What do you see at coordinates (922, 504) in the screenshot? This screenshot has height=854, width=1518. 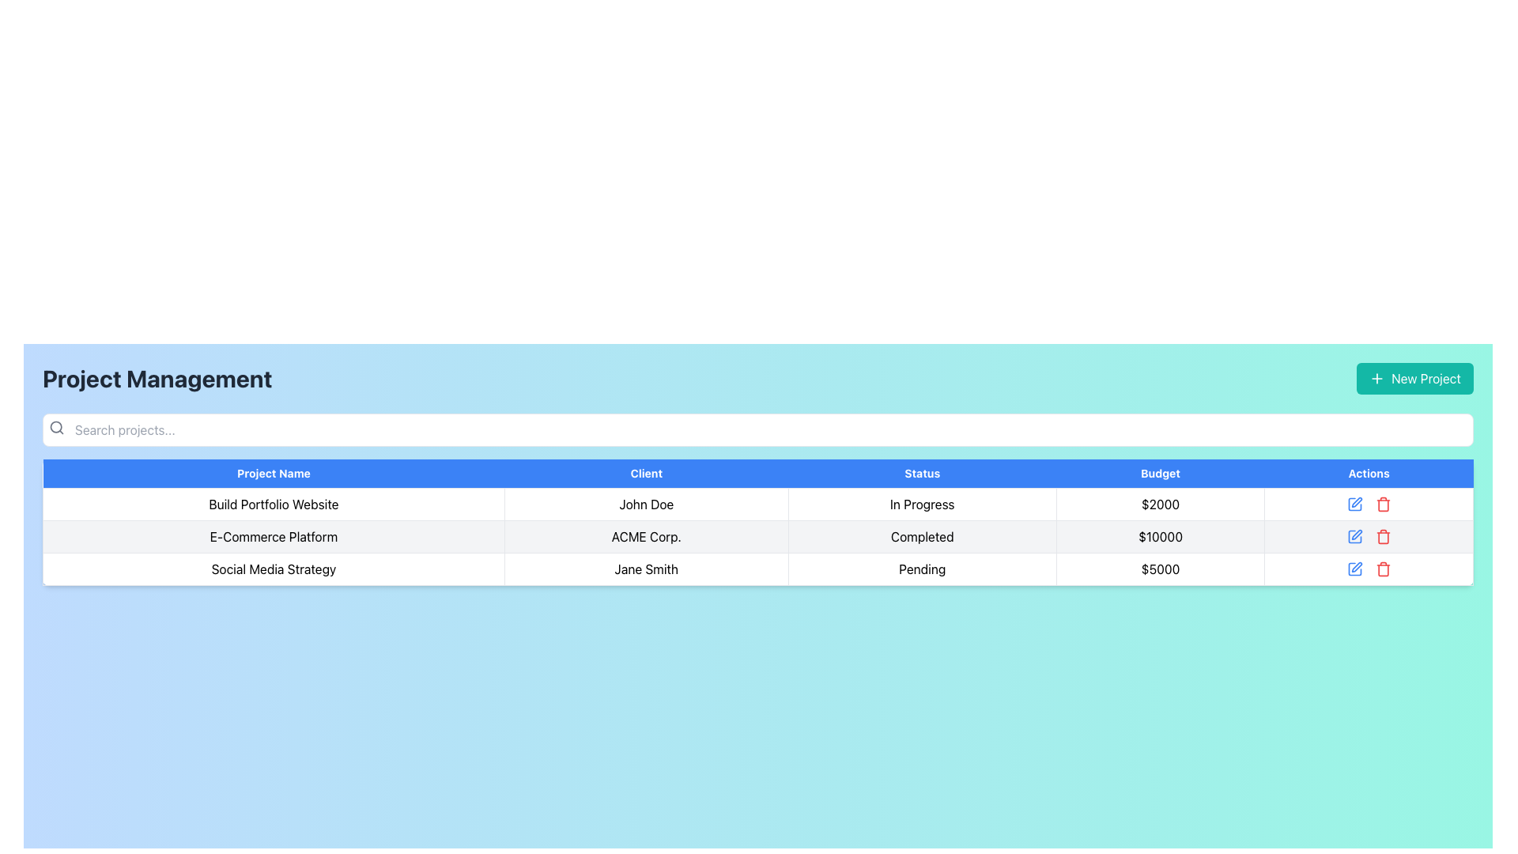 I see `the Static Text Label displaying 'In Progress' in the 'Status' column of the row for the project 'Build Portfolio Website'` at bounding box center [922, 504].